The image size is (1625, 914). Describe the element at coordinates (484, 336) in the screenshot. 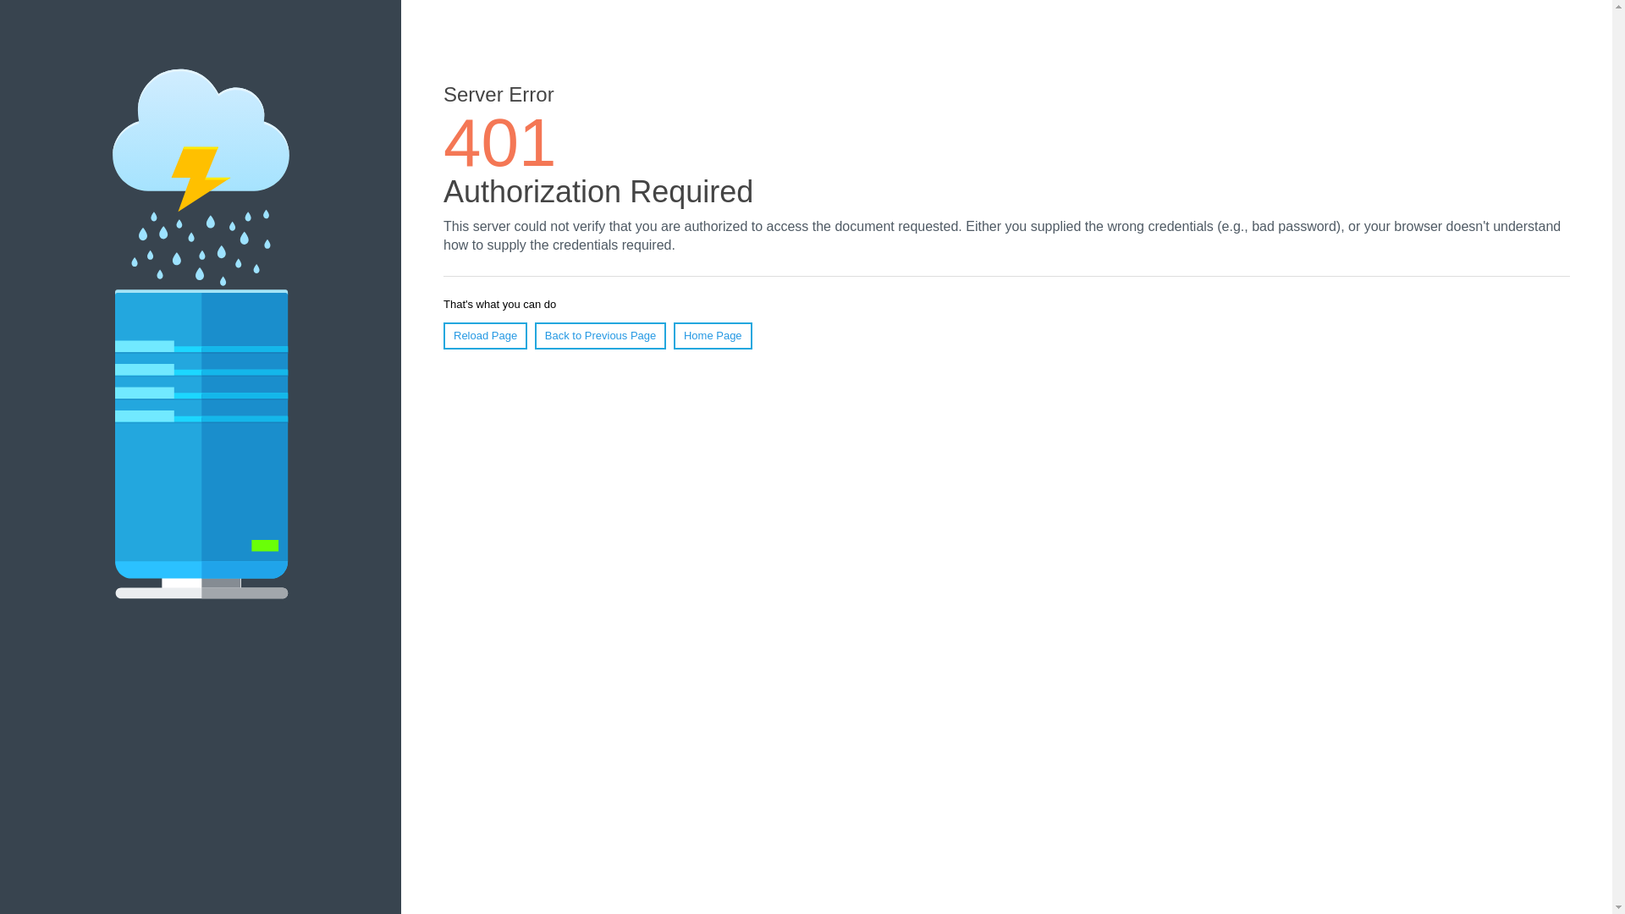

I see `'Reload Page'` at that location.